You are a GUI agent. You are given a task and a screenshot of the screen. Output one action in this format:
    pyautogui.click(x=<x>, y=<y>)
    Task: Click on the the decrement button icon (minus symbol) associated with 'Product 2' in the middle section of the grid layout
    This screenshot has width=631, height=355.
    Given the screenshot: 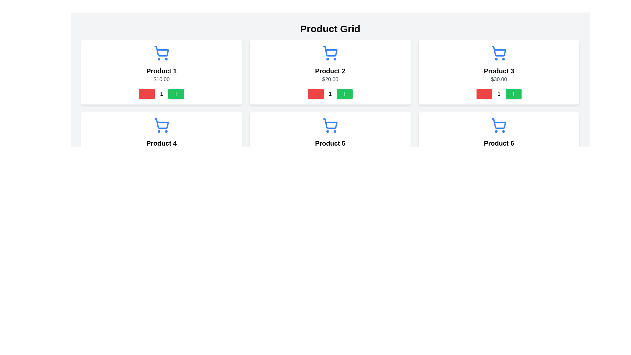 What is the action you would take?
    pyautogui.click(x=315, y=94)
    